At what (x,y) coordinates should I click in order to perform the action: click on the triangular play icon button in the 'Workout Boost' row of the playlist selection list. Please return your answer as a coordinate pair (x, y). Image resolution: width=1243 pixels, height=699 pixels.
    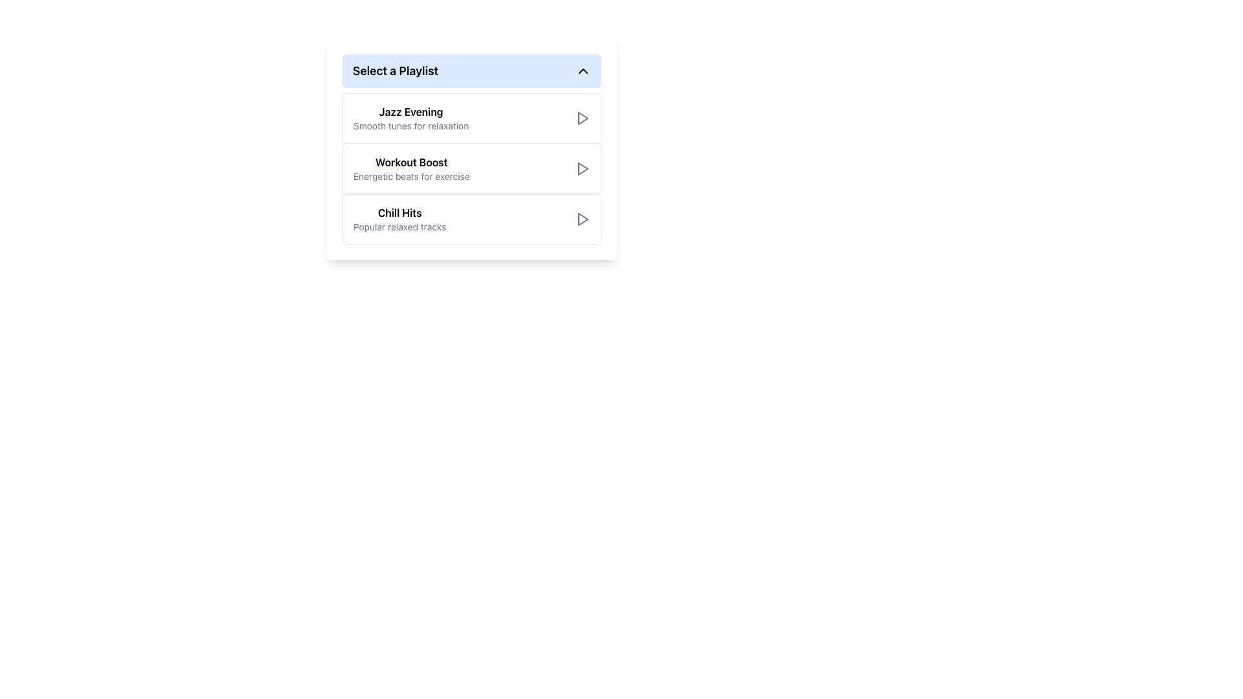
    Looking at the image, I should click on (582, 168).